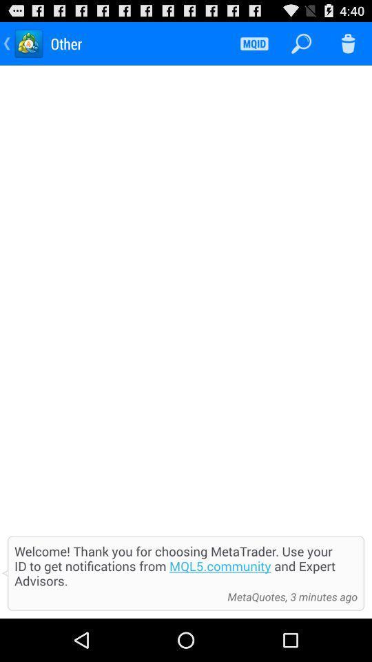  Describe the element at coordinates (117, 596) in the screenshot. I see `the icon at the bottom left corner` at that location.